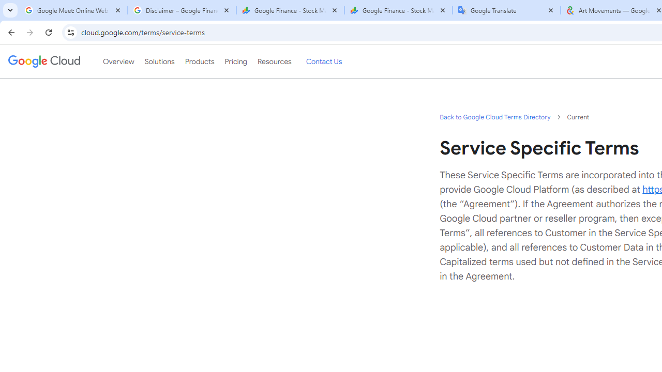 This screenshot has width=662, height=372. I want to click on 'Back to Google Cloud Terms Directory', so click(494, 116).